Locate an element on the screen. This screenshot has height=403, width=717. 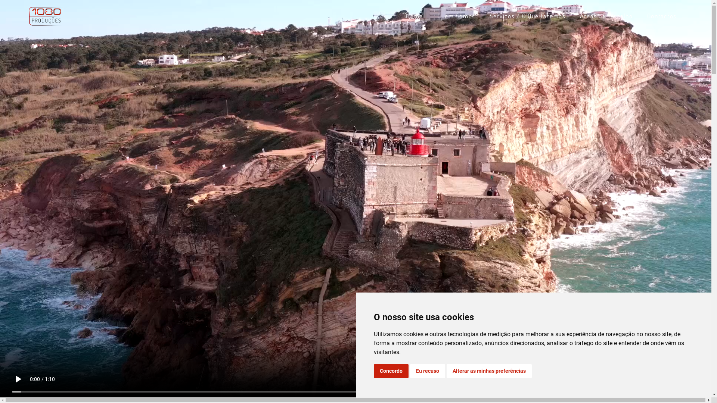
'Home' is located at coordinates (405, 16).